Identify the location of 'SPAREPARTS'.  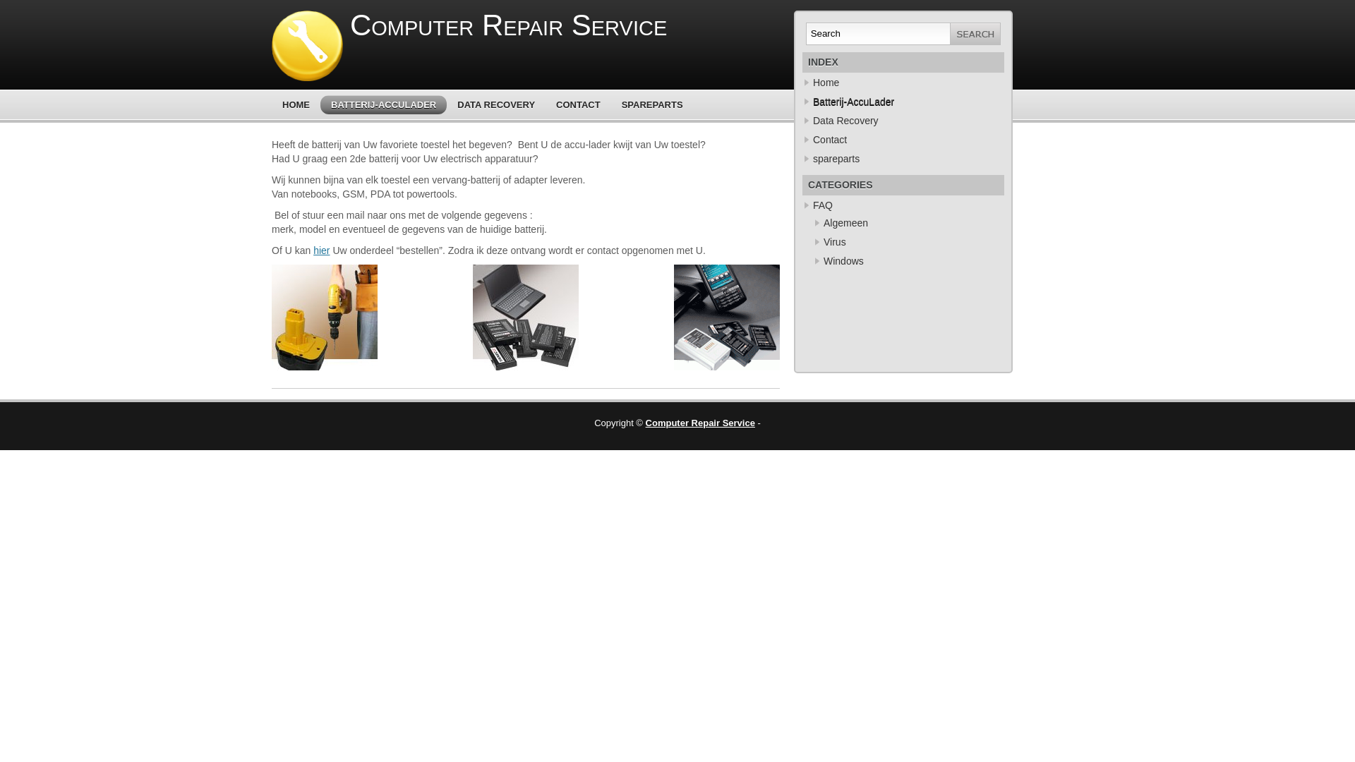
(651, 104).